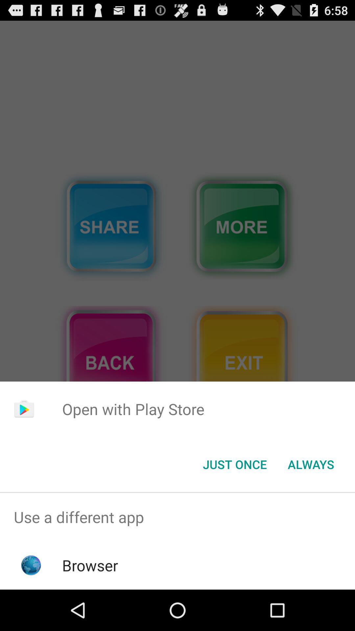 The width and height of the screenshot is (355, 631). Describe the element at coordinates (234, 464) in the screenshot. I see `the icon below open with play icon` at that location.